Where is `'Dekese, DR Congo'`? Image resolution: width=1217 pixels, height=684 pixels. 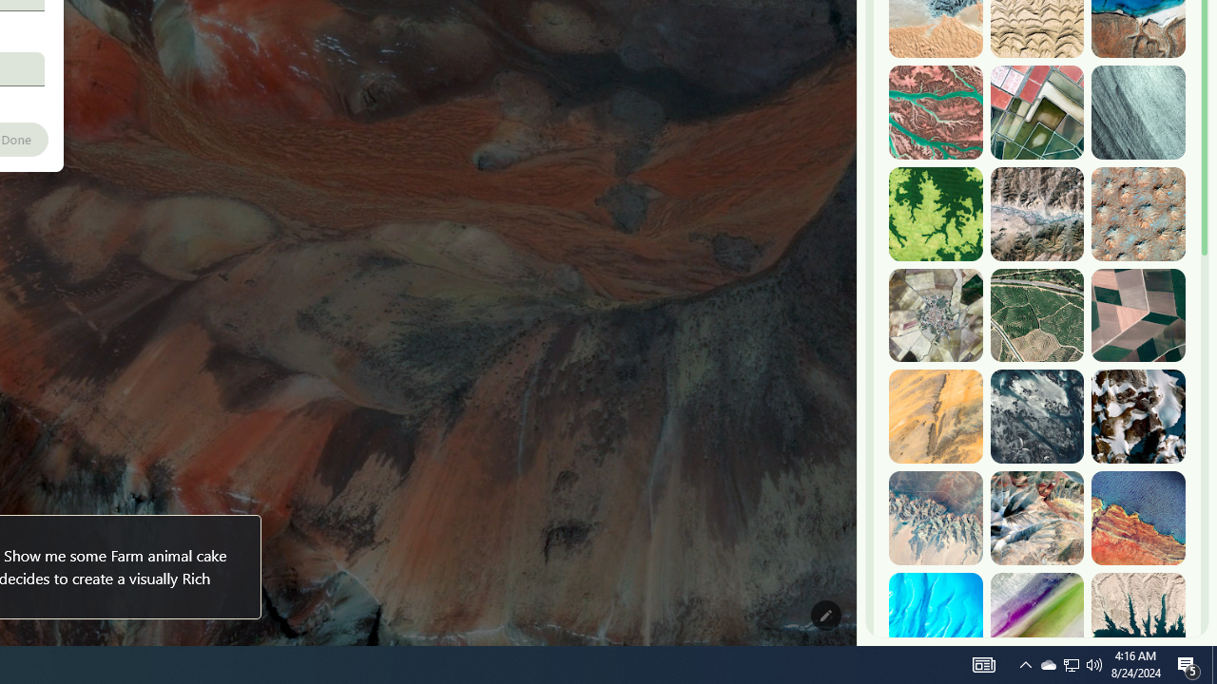 'Dekese, DR Congo' is located at coordinates (936, 214).